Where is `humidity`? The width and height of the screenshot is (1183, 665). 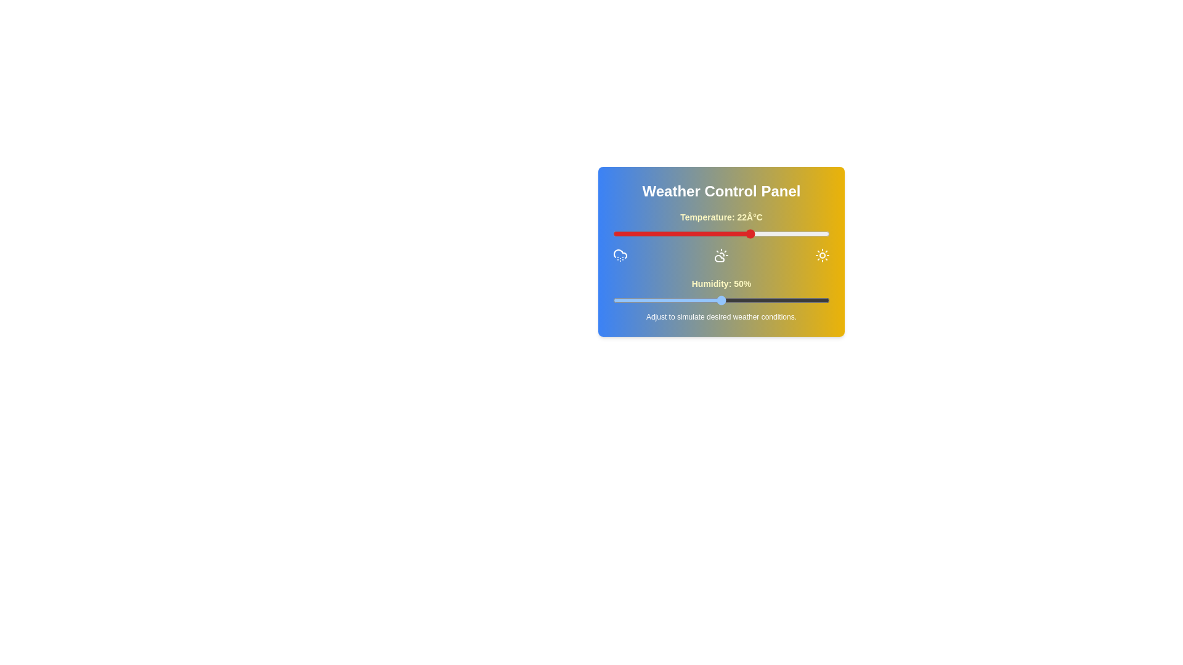 humidity is located at coordinates (768, 300).